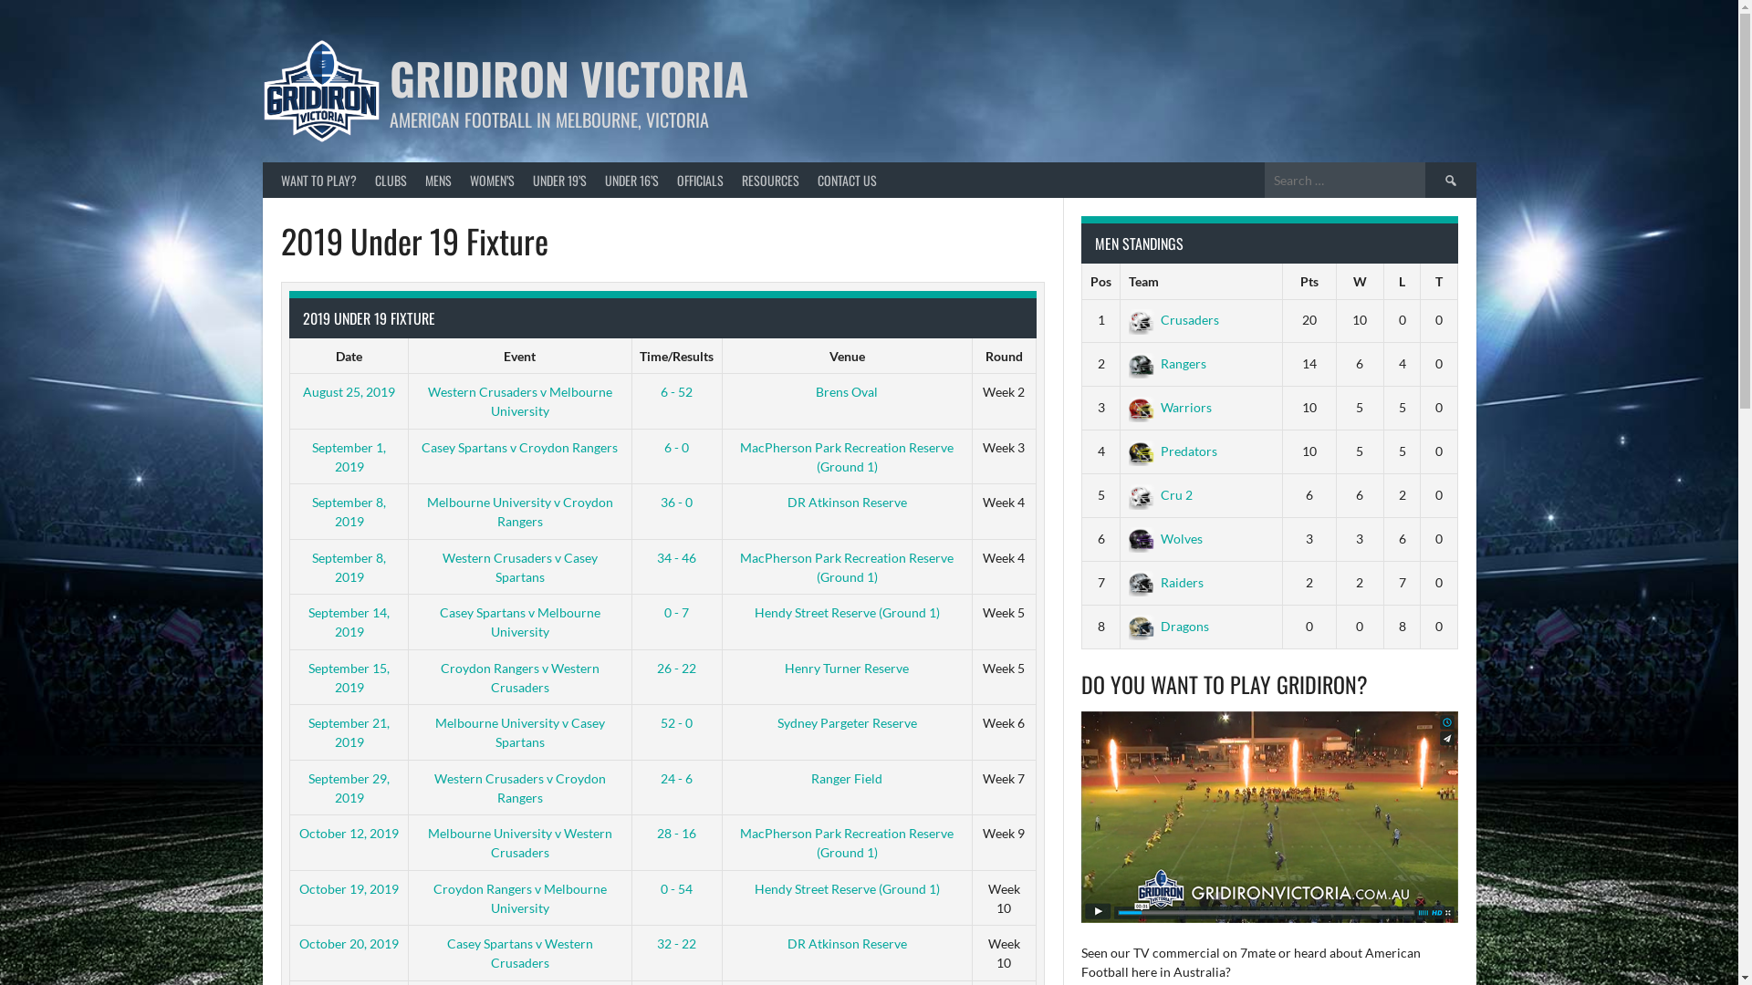 This screenshot has width=1752, height=985. I want to click on 'Casey Spartans v Melbourne University', so click(519, 621).